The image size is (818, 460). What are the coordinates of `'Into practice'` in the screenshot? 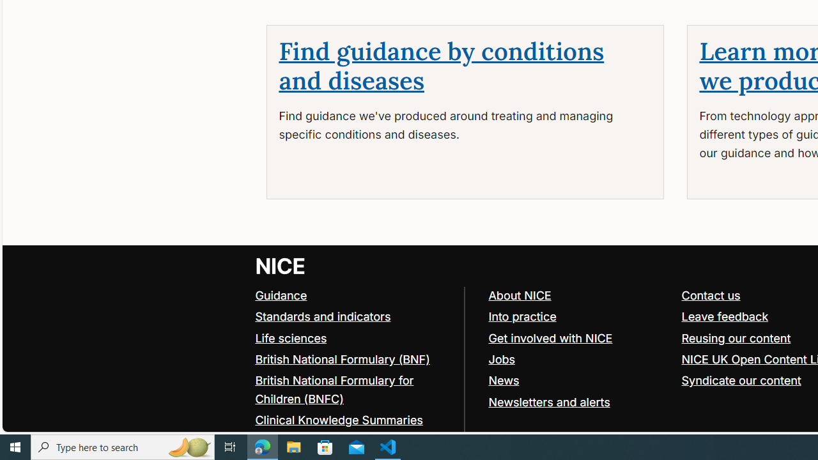 It's located at (522, 316).